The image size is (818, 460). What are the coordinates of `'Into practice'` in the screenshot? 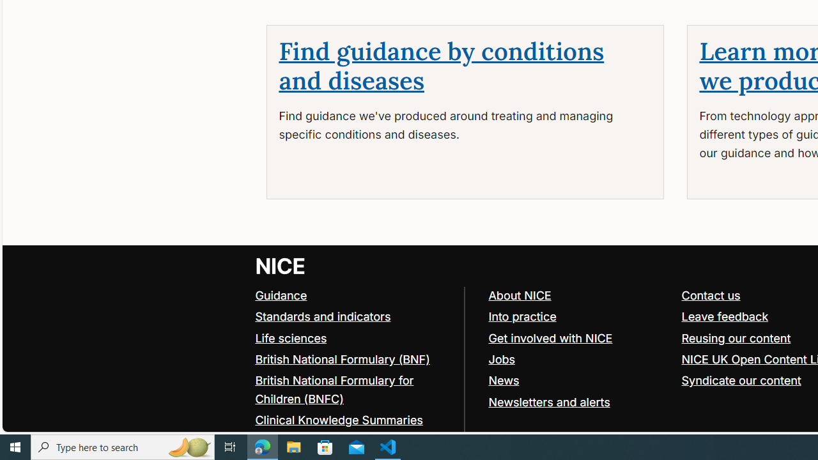 It's located at (522, 316).